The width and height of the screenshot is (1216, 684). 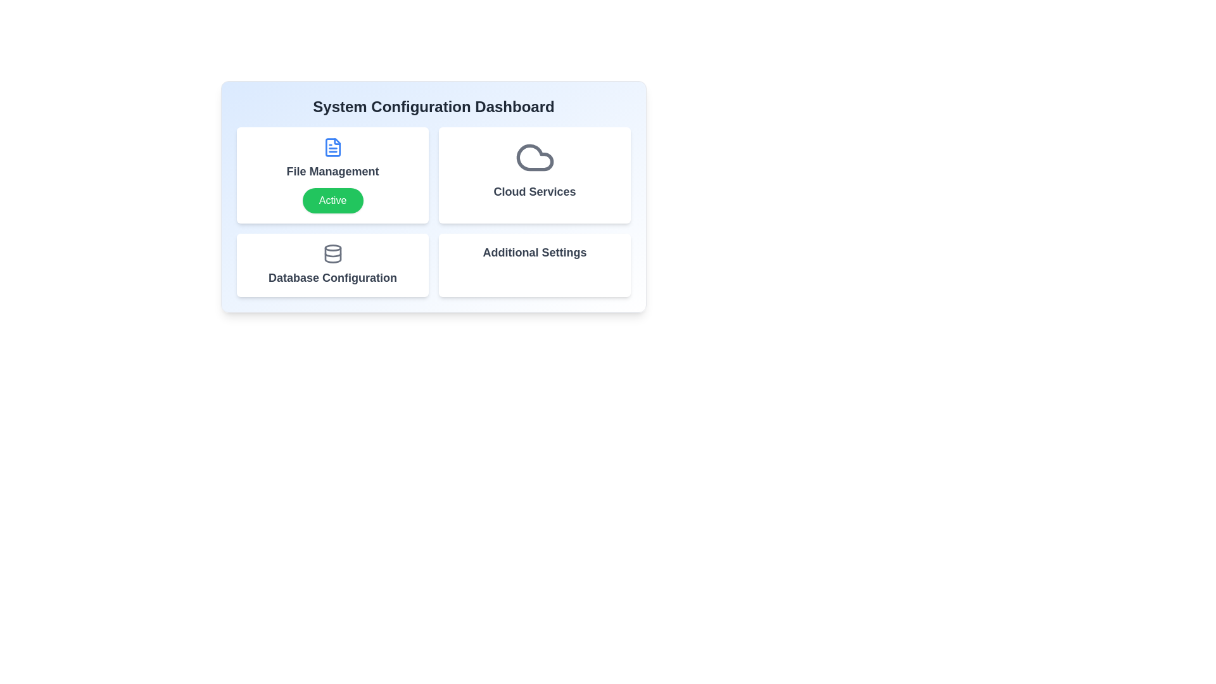 What do you see at coordinates (332, 255) in the screenshot?
I see `the Database Configuration card surrounding the database icon` at bounding box center [332, 255].